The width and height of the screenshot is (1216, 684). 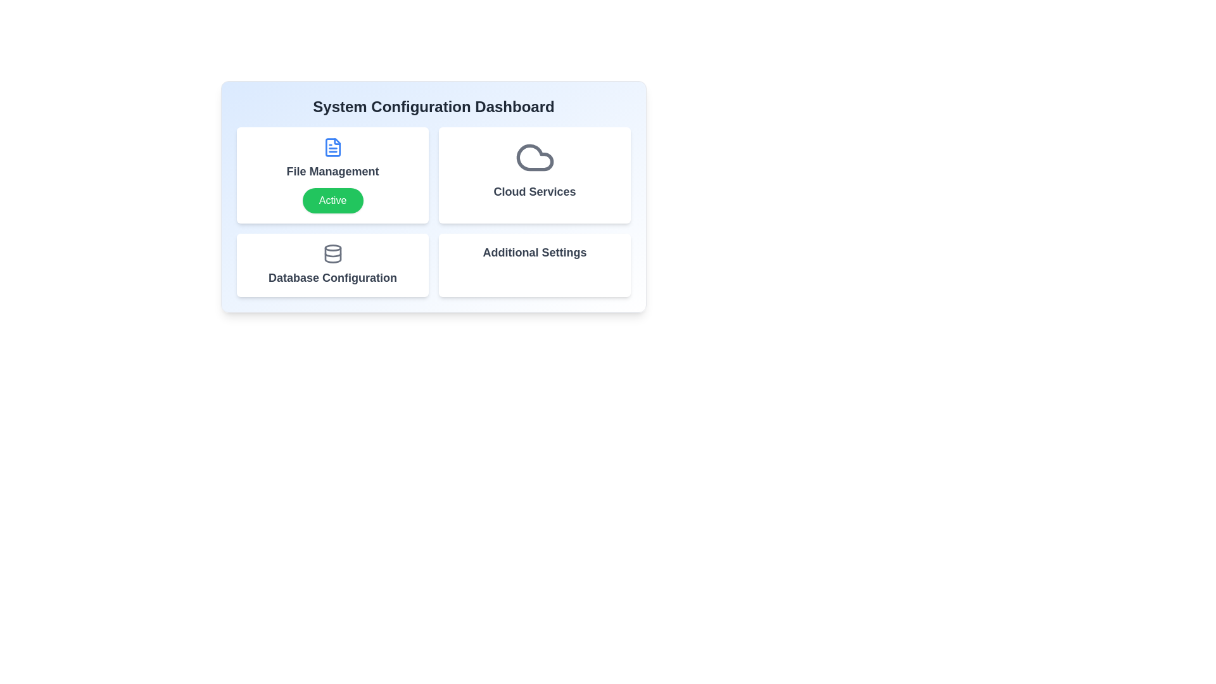 What do you see at coordinates (332, 255) in the screenshot?
I see `the Database Configuration card surrounding the database icon` at bounding box center [332, 255].